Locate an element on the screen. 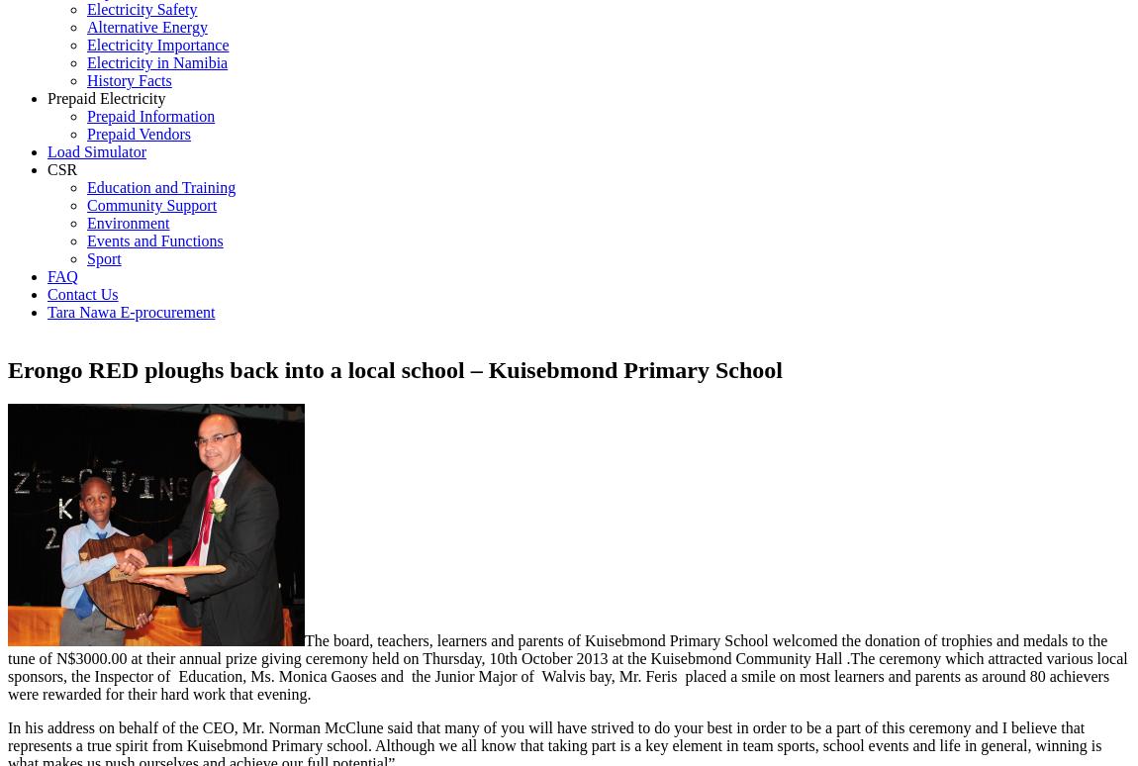 The image size is (1138, 766). 'Education and Training' is located at coordinates (159, 187).